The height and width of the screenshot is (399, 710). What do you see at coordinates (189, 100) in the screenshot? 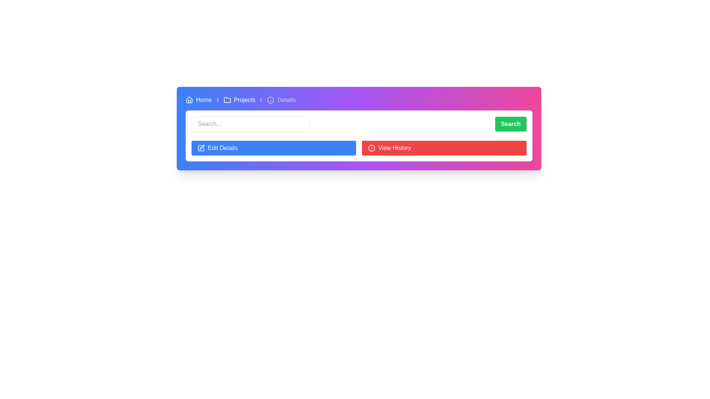
I see `the home icon located at the leftmost side of the breadcrumb navigation` at bounding box center [189, 100].